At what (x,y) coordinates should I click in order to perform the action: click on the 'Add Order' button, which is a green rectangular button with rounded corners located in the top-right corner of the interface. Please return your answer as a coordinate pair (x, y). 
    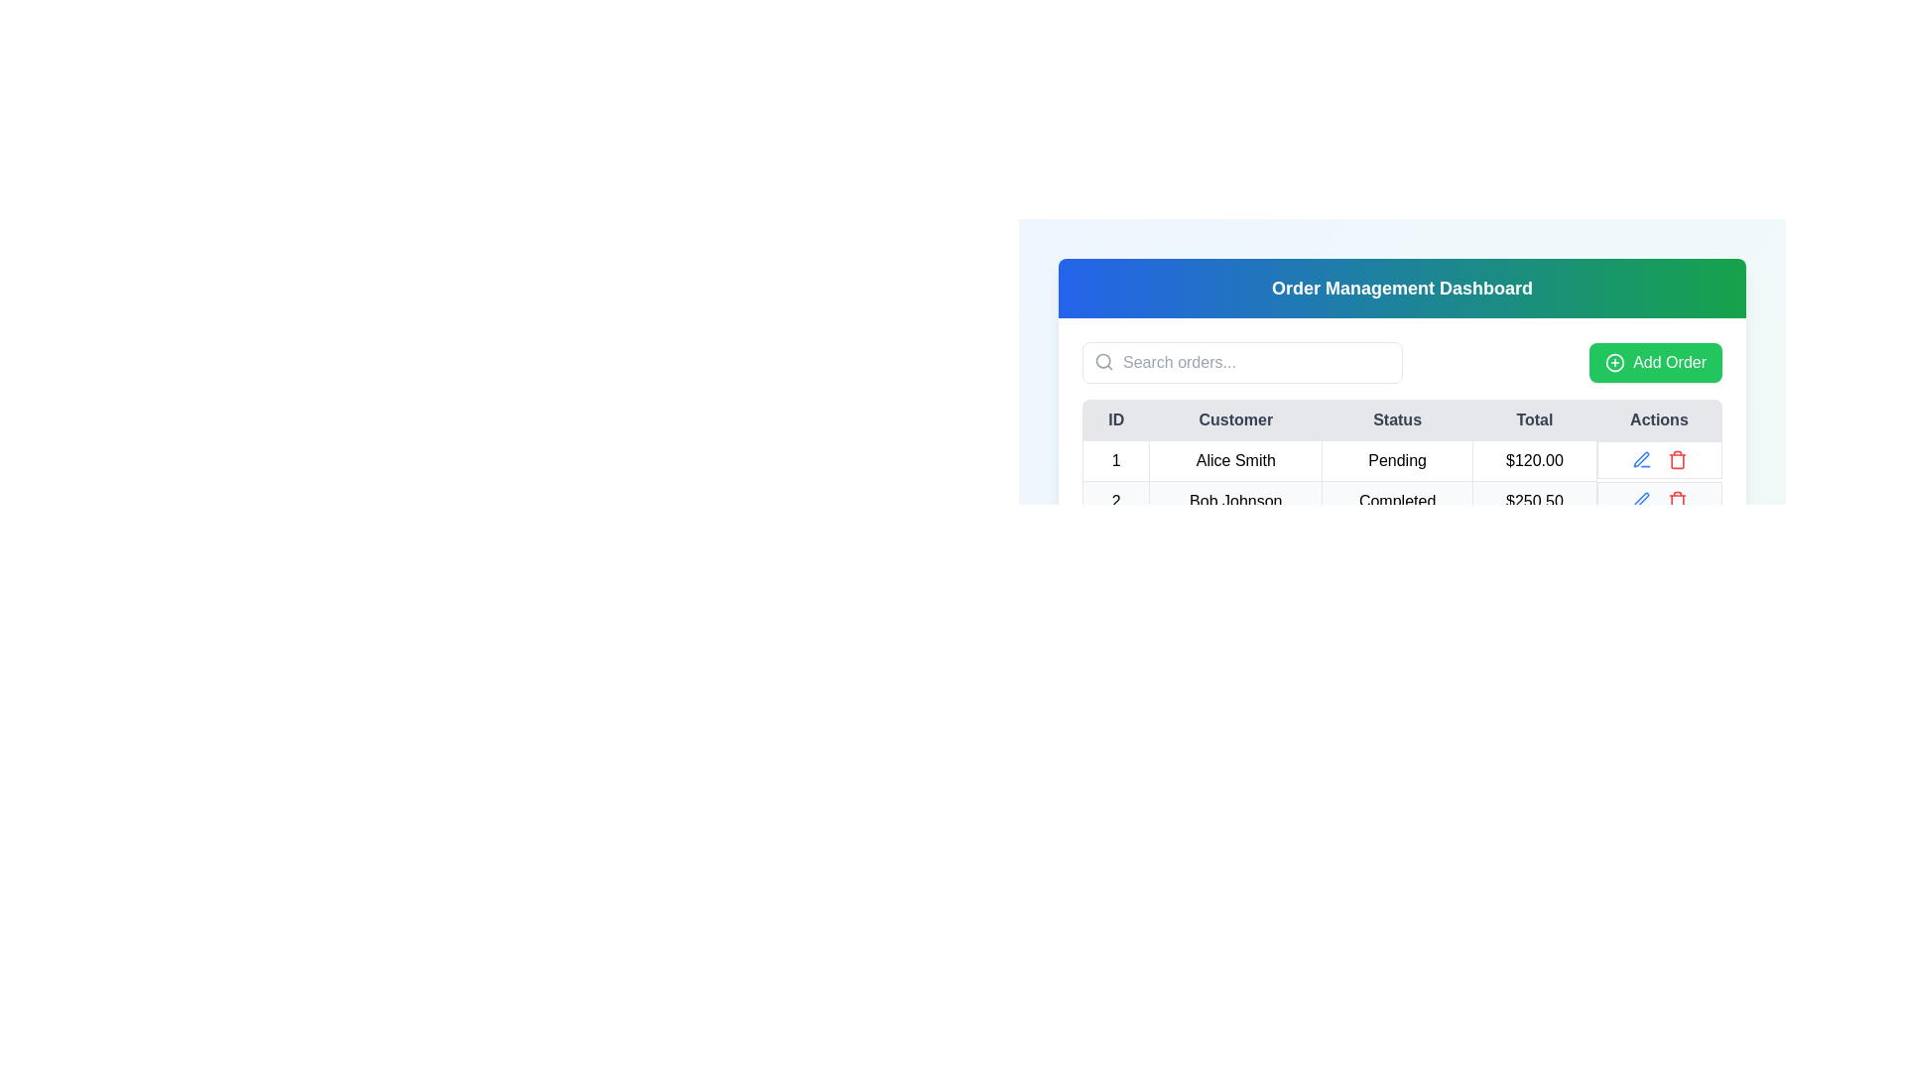
    Looking at the image, I should click on (1656, 363).